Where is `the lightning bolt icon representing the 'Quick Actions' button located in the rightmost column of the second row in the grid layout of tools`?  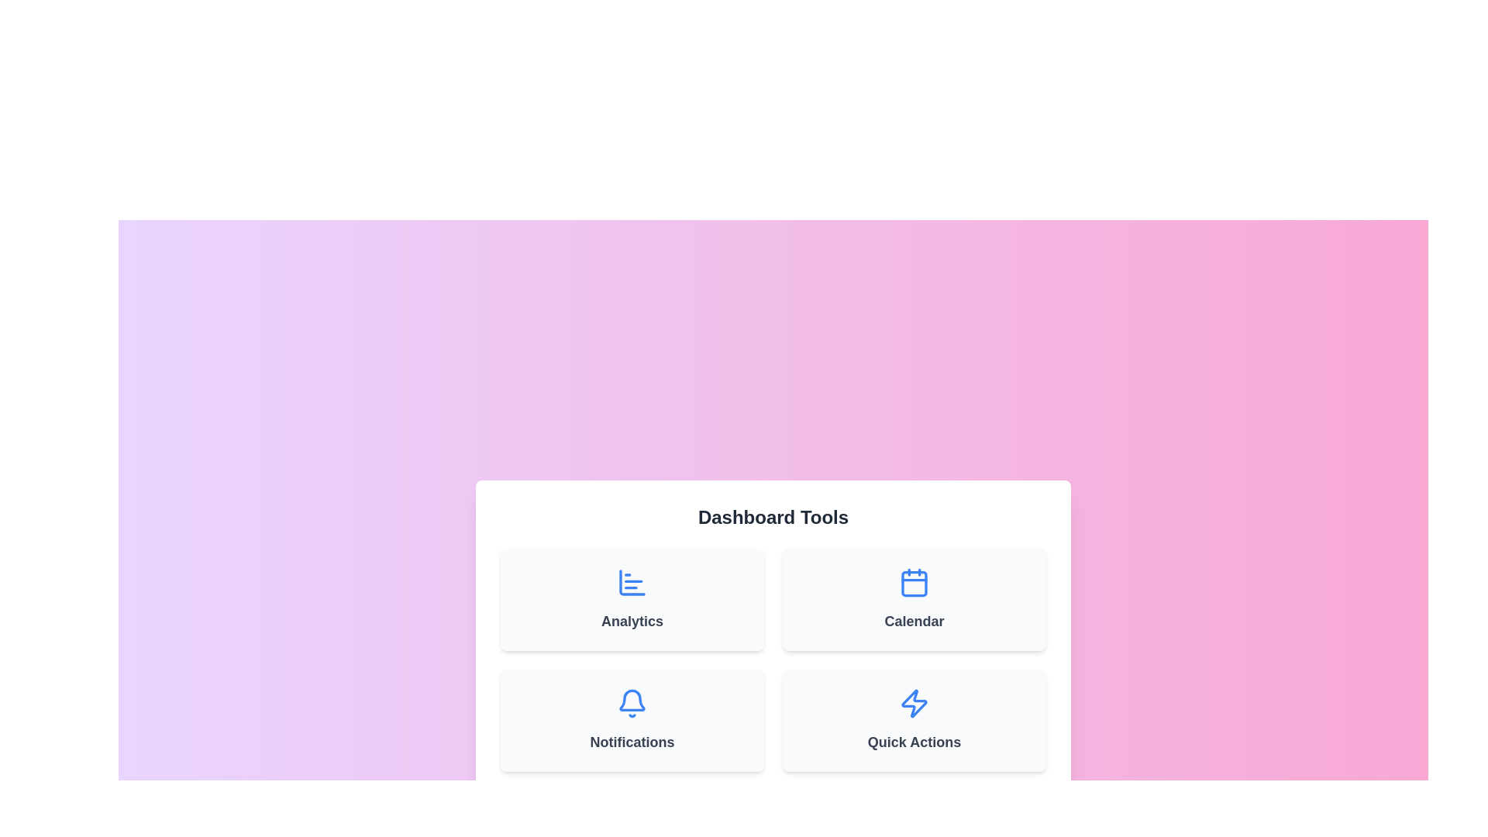 the lightning bolt icon representing the 'Quick Actions' button located in the rightmost column of the second row in the grid layout of tools is located at coordinates (914, 703).